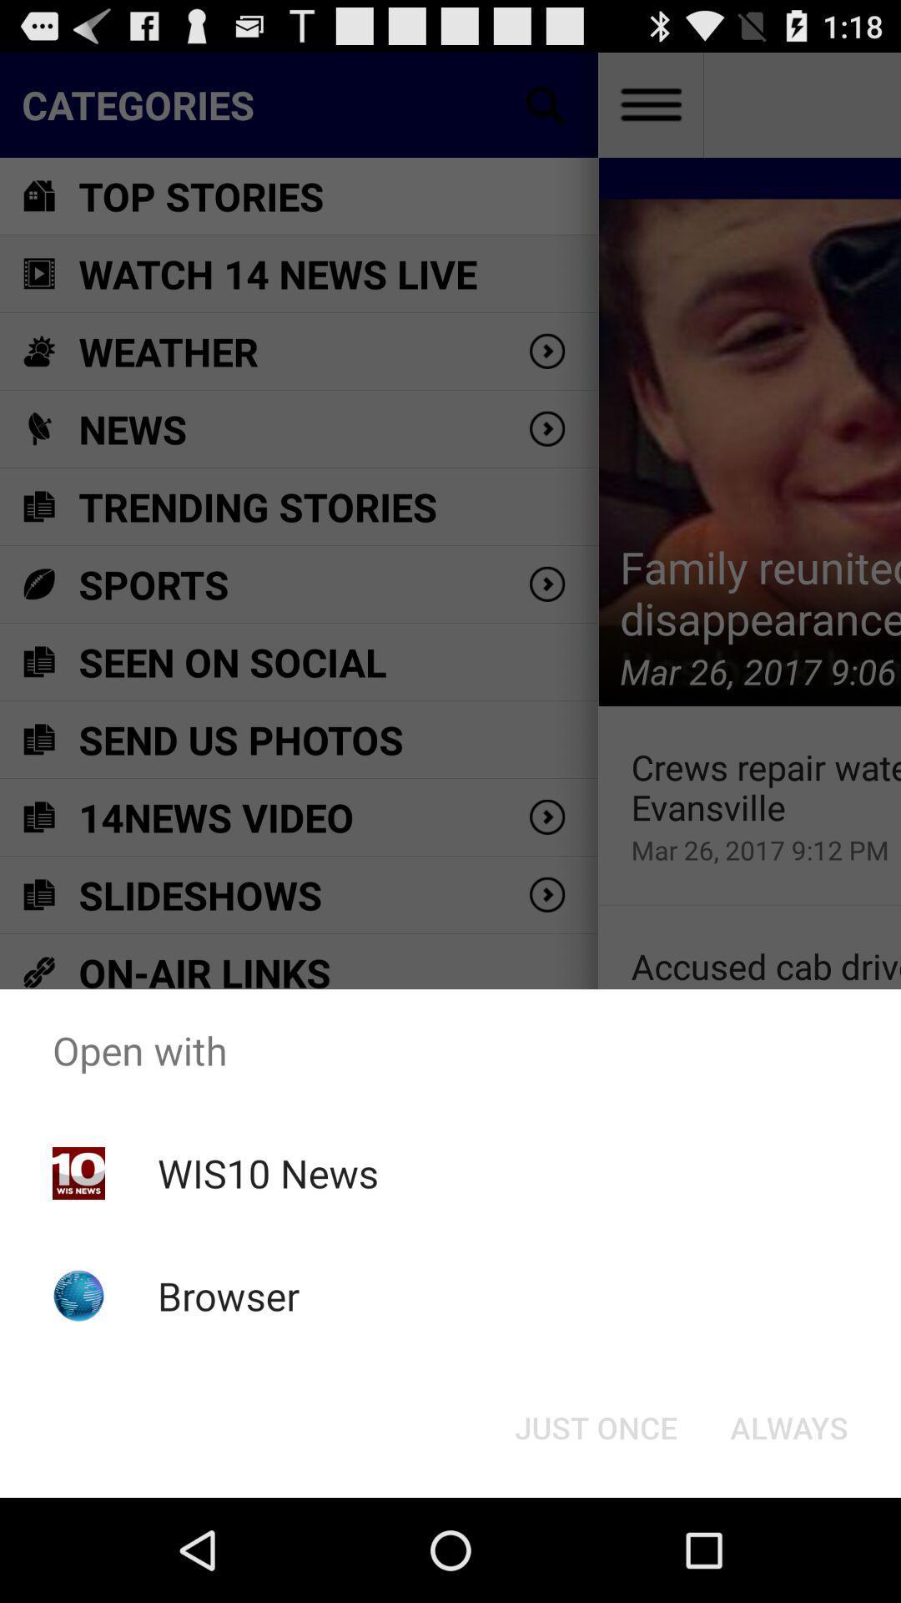  What do you see at coordinates (788, 1426) in the screenshot?
I see `always` at bounding box center [788, 1426].